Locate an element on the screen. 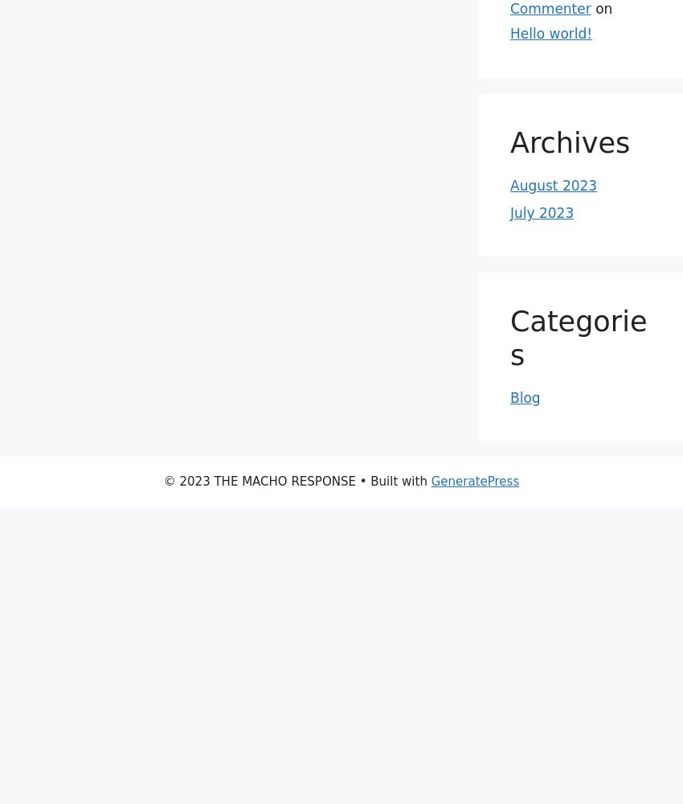 The image size is (683, 804). '• Built with' is located at coordinates (393, 481).